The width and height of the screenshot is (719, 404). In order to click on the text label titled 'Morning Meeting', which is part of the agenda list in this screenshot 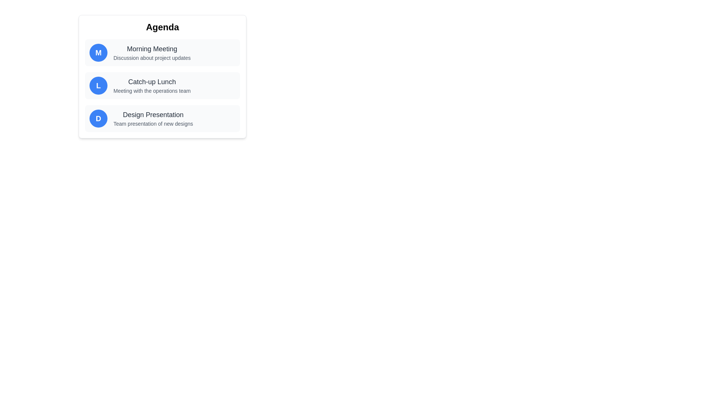, I will do `click(152, 52)`.